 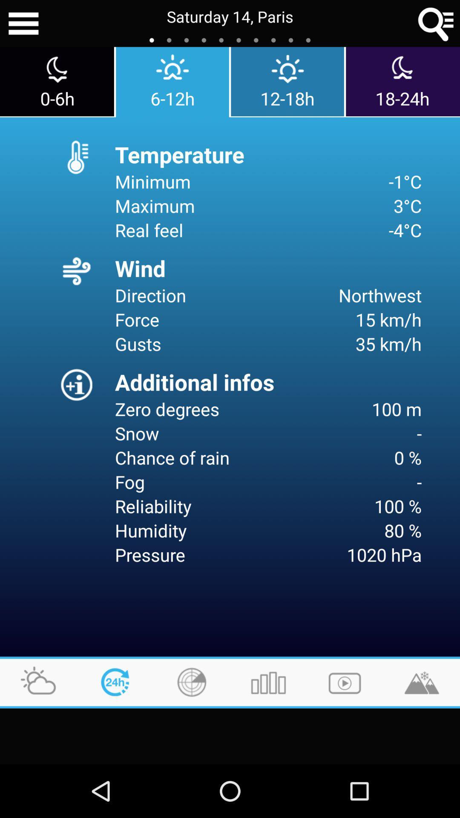 I want to click on item to the right of 6-12h icon, so click(x=287, y=81).